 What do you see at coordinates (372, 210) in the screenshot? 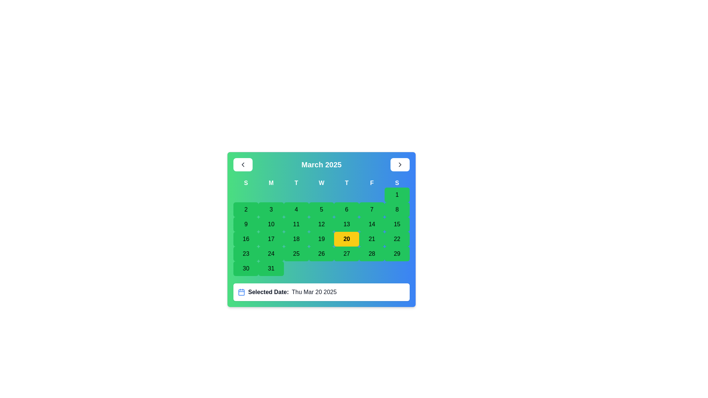
I see `the rectangular button with a green background containing the number '7', located in the second row and seventh column of the calendar grid` at bounding box center [372, 210].